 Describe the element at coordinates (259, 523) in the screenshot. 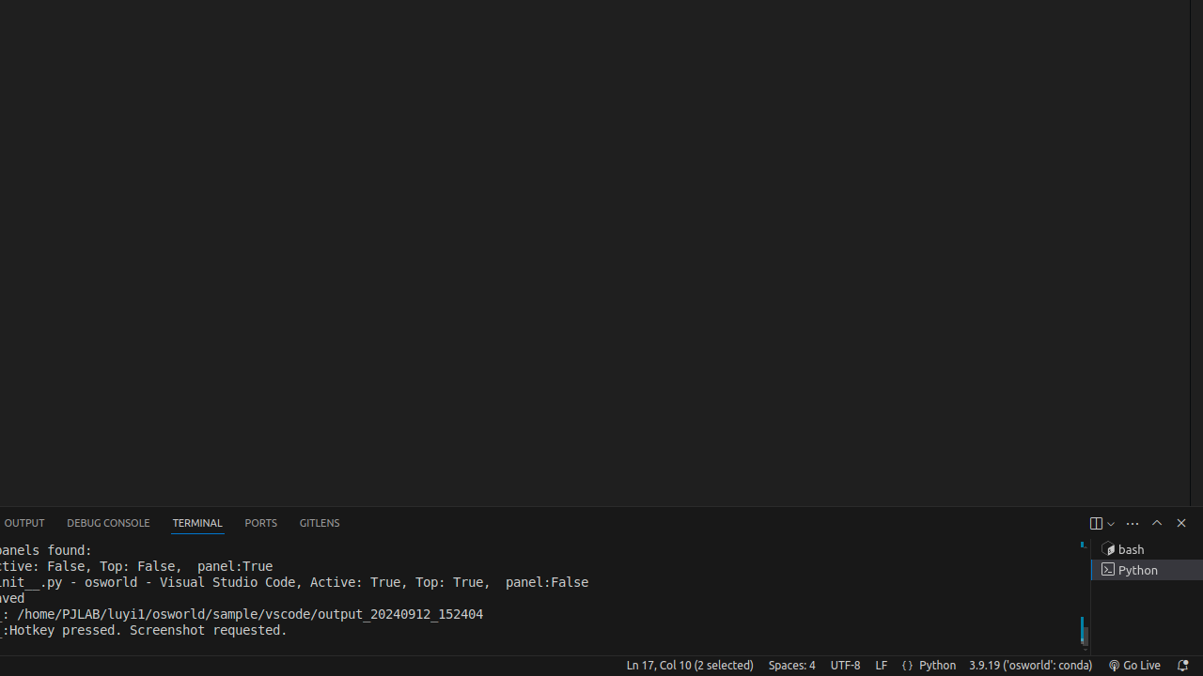

I see `'Ports'` at that location.